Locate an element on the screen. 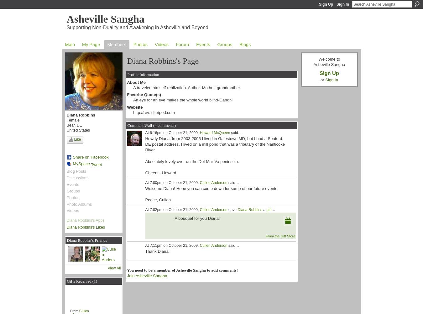 This screenshot has height=314, width=423. 'Diana Robbins's Apps' is located at coordinates (66, 220).